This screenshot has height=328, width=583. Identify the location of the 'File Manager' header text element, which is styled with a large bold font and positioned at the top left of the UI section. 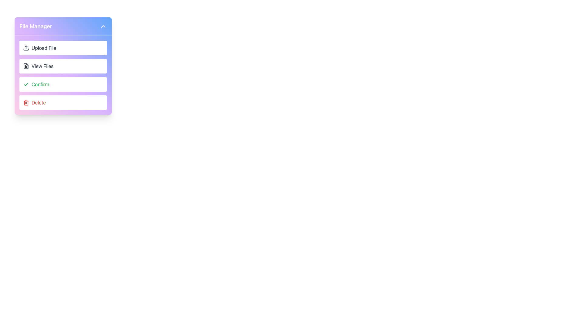
(35, 26).